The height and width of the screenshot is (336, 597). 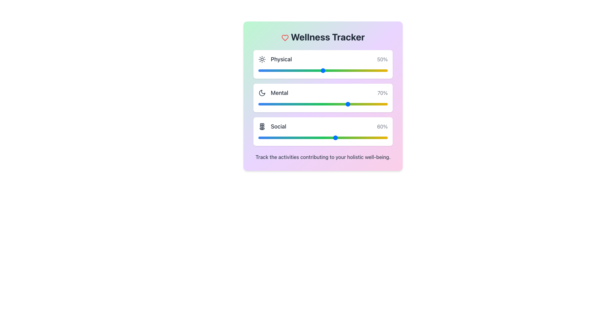 What do you see at coordinates (279, 93) in the screenshot?
I see `Label/Text element displaying the text 'Mental', which is styled with a medium-sized font in dark gray color and is positioned to the right of a crescent moon icon` at bounding box center [279, 93].